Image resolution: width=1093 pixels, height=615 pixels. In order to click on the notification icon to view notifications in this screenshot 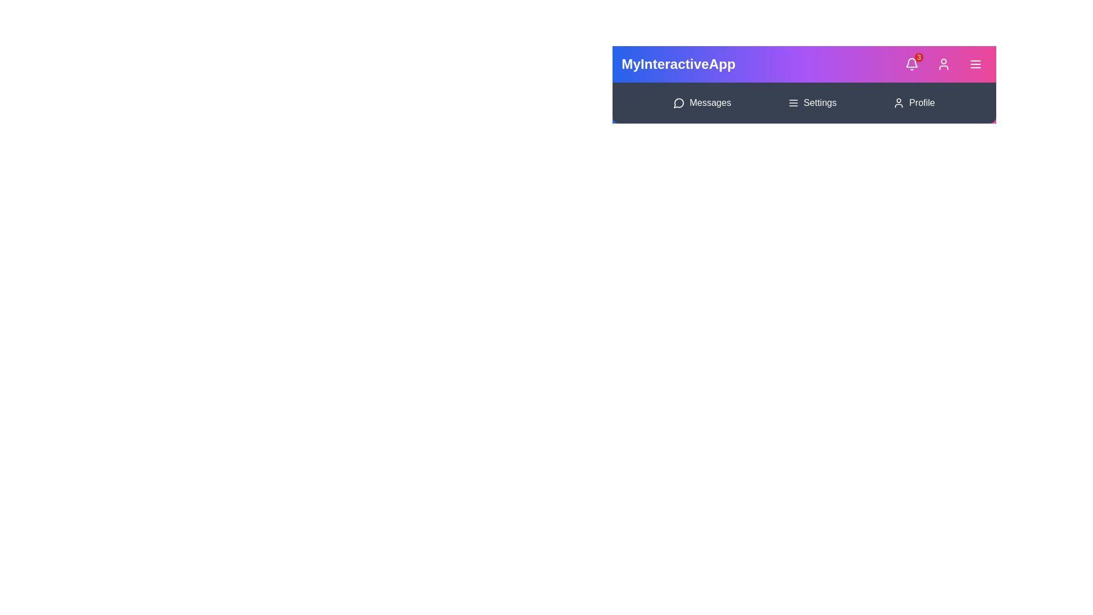, I will do `click(912, 64)`.